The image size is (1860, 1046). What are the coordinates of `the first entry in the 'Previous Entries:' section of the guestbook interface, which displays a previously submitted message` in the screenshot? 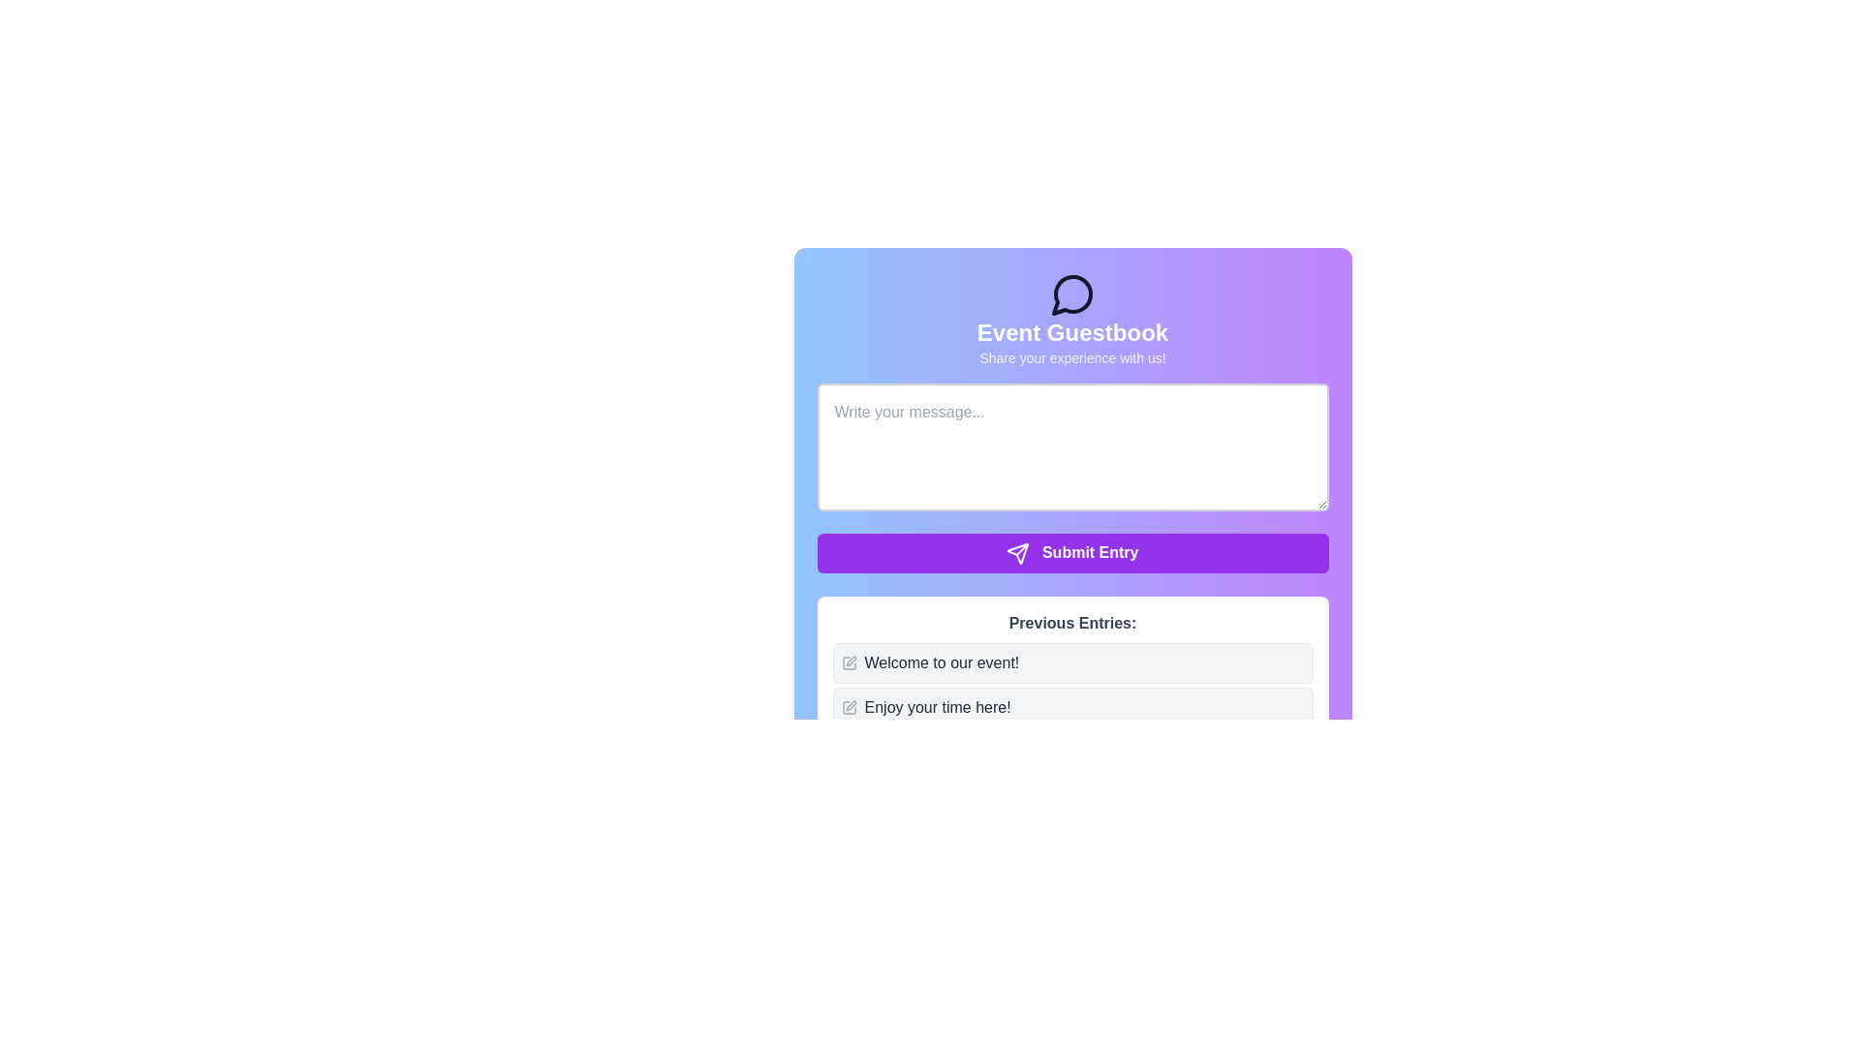 It's located at (1071, 684).